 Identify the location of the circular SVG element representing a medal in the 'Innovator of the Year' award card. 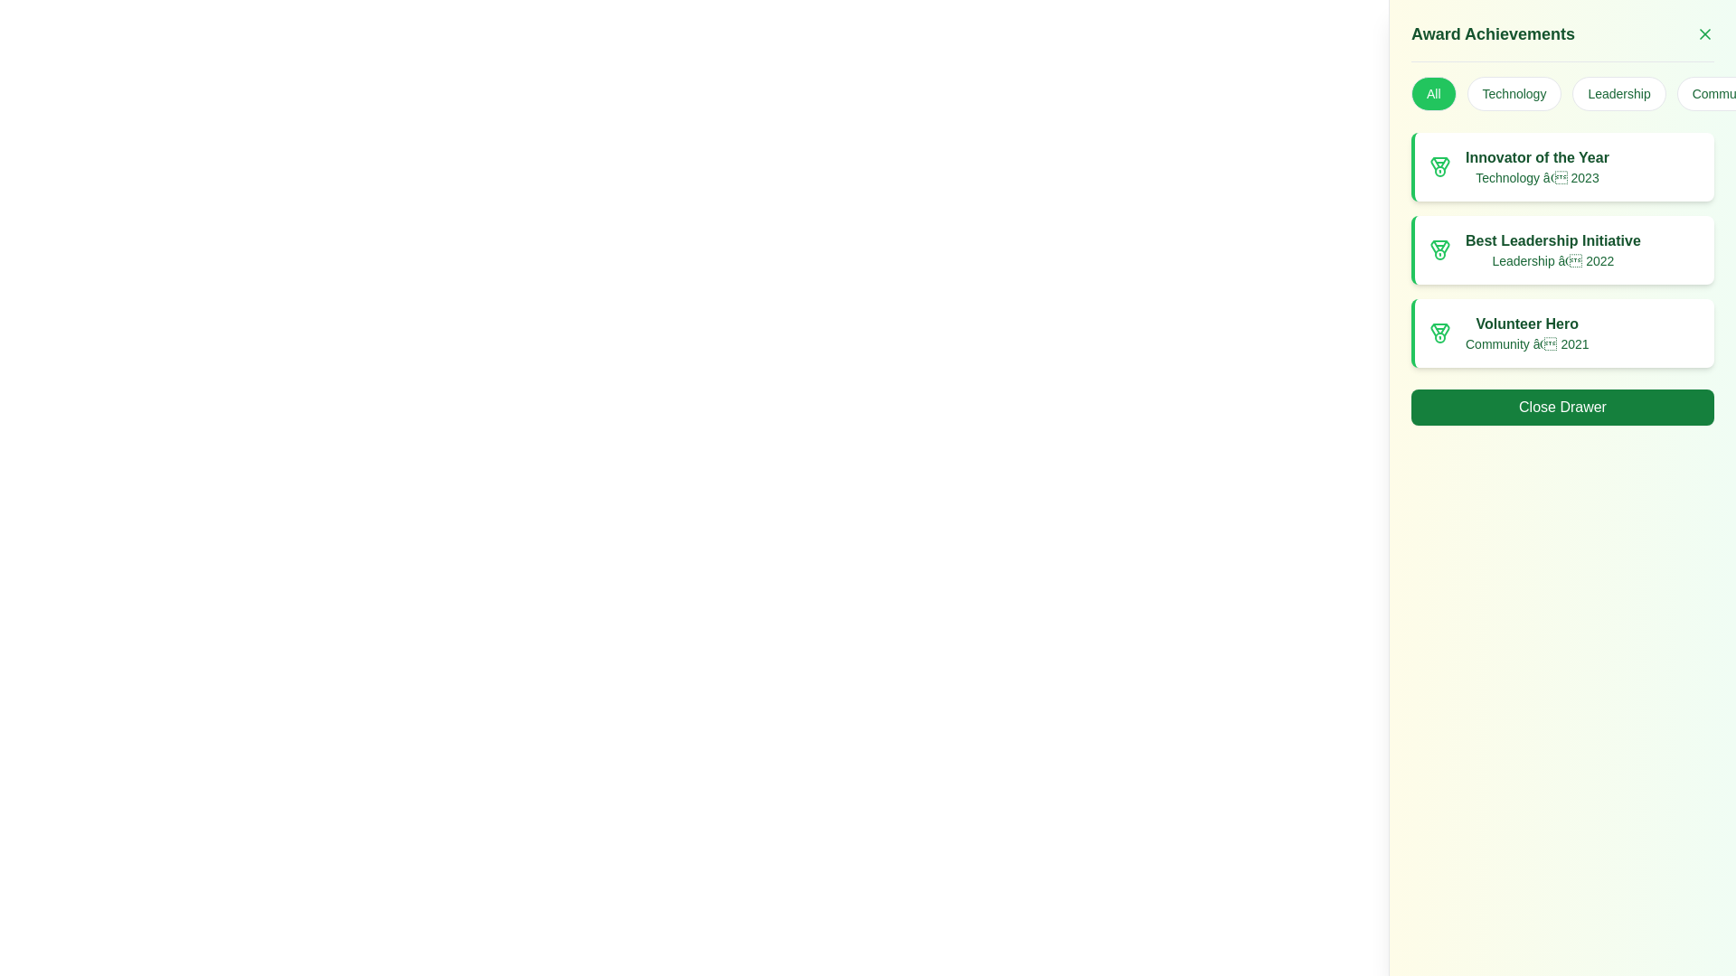
(1439, 171).